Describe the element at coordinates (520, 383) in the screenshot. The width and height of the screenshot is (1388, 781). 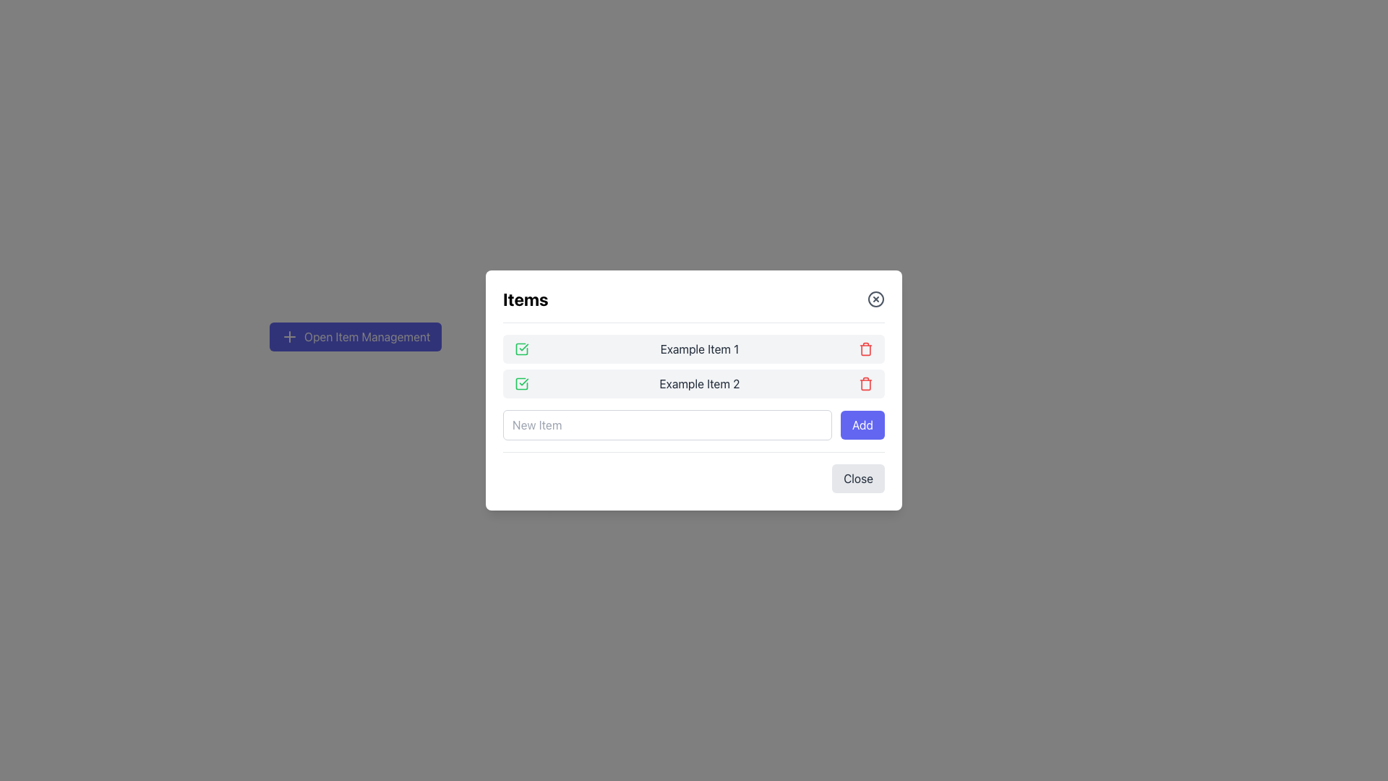
I see `the green square icon with a checkmark located to the left of the text 'Example Item 2'` at that location.